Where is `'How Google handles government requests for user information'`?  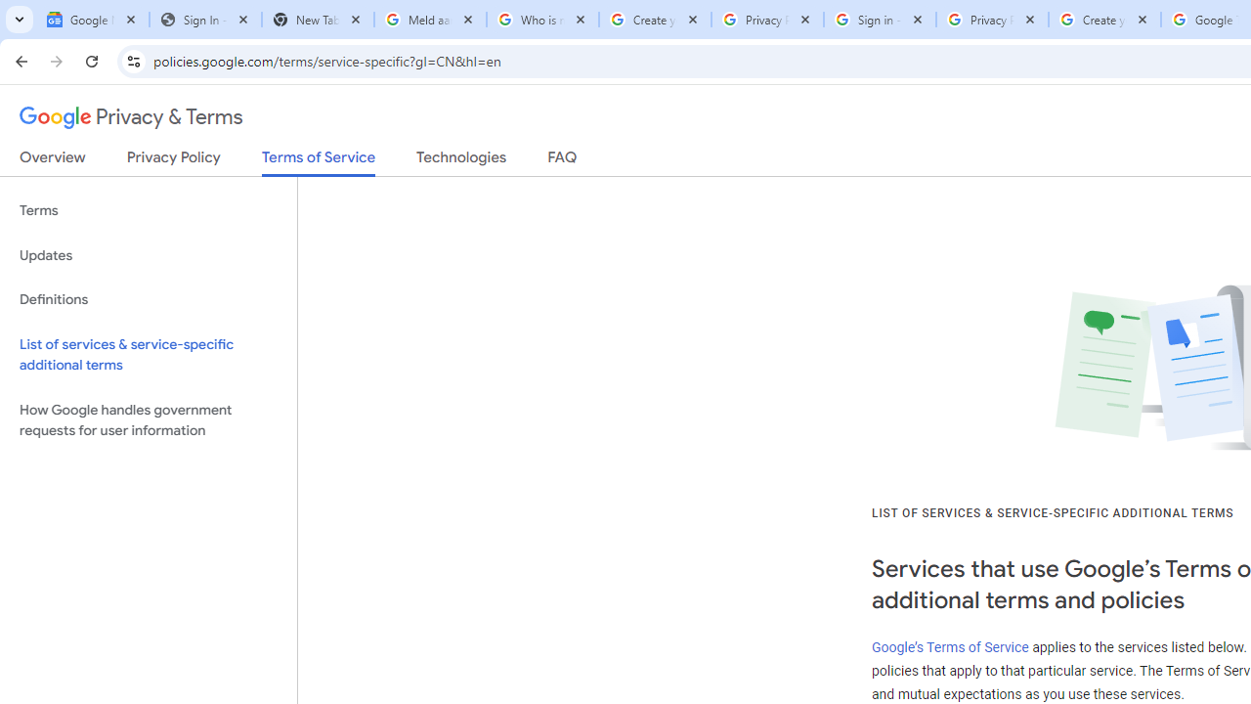 'How Google handles government requests for user information' is located at coordinates (148, 418).